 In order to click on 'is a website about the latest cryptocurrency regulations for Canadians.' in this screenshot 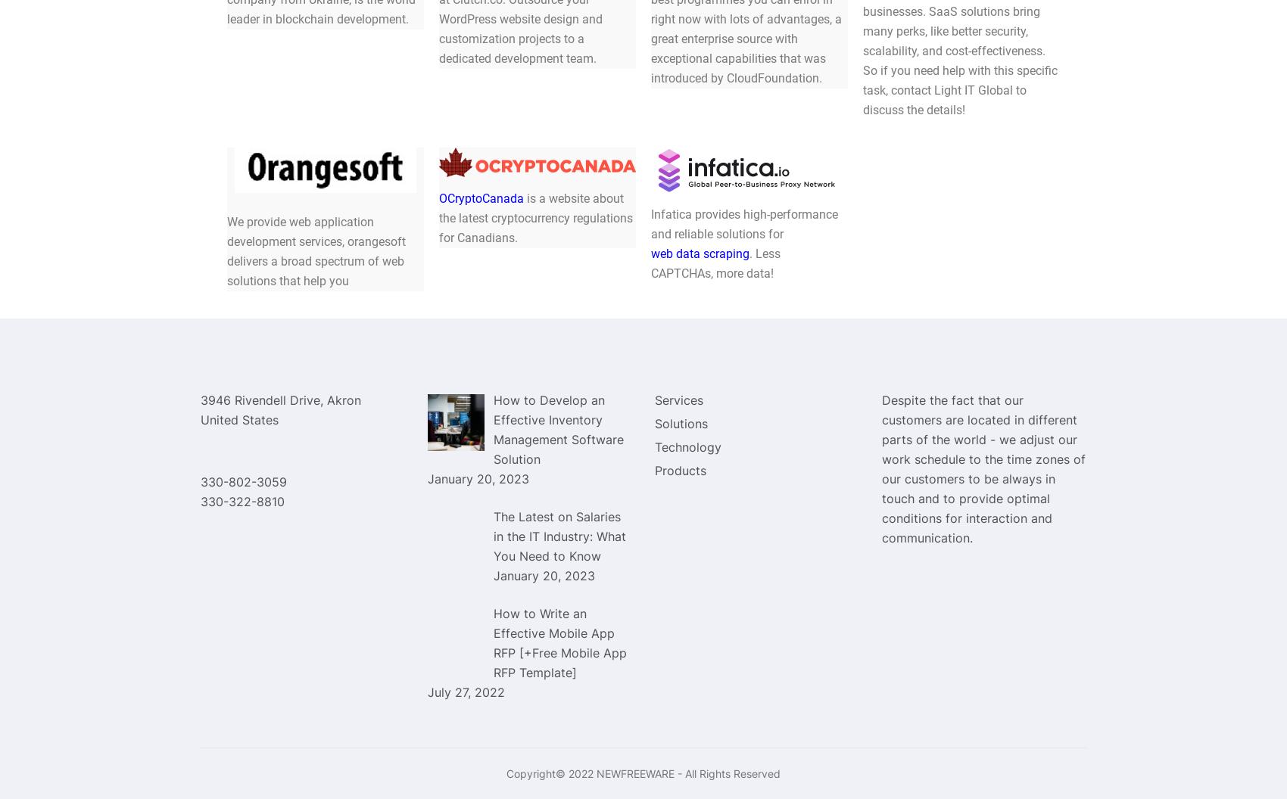, I will do `click(536, 217)`.